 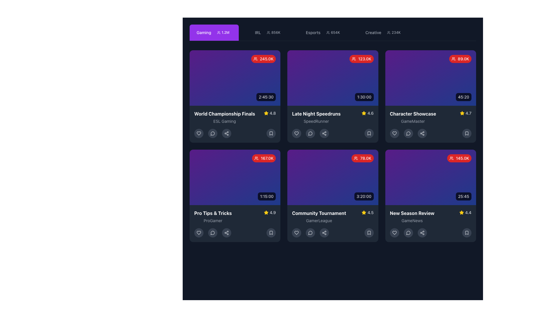 I want to click on text label displaying '245.0K' in white on a red rounded rectangle background, located at the top-right corner of the 'World Championship Finals' card, so click(x=266, y=59).